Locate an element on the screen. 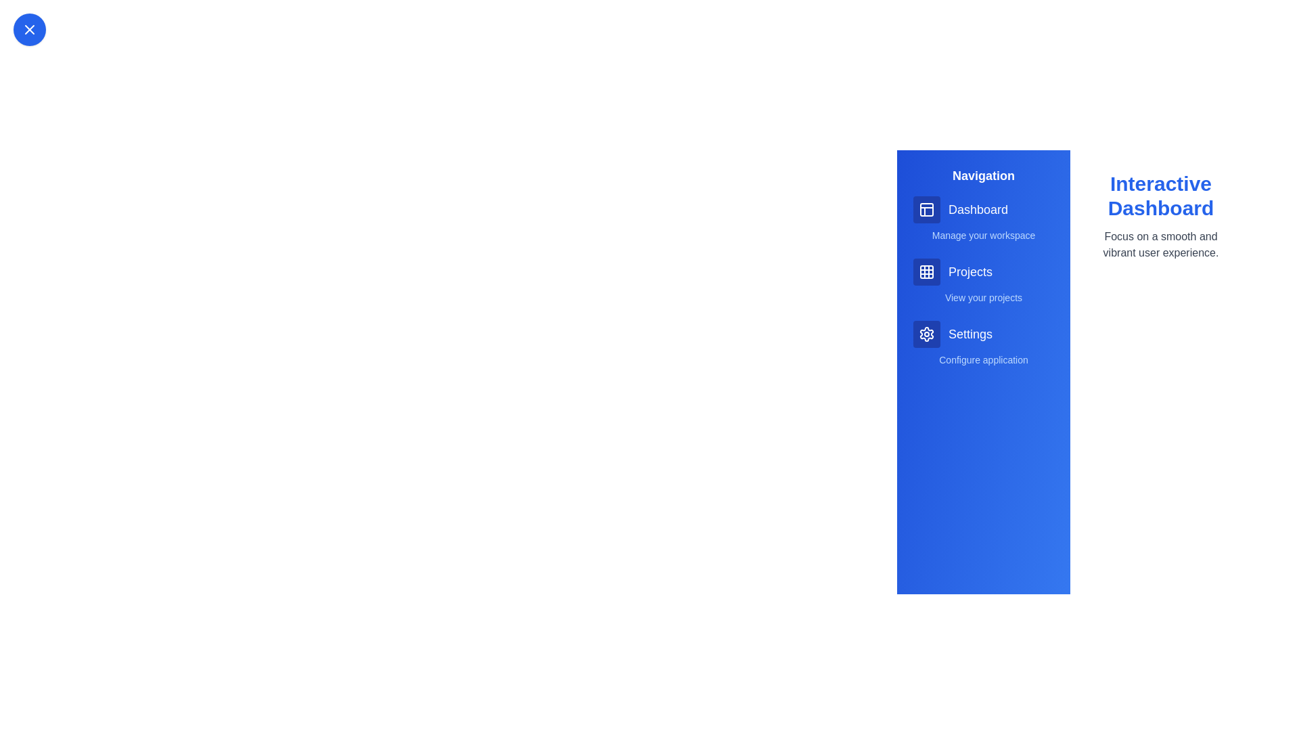 This screenshot has width=1299, height=731. the 'Settings' menu item in the navigation menu is located at coordinates (984, 334).